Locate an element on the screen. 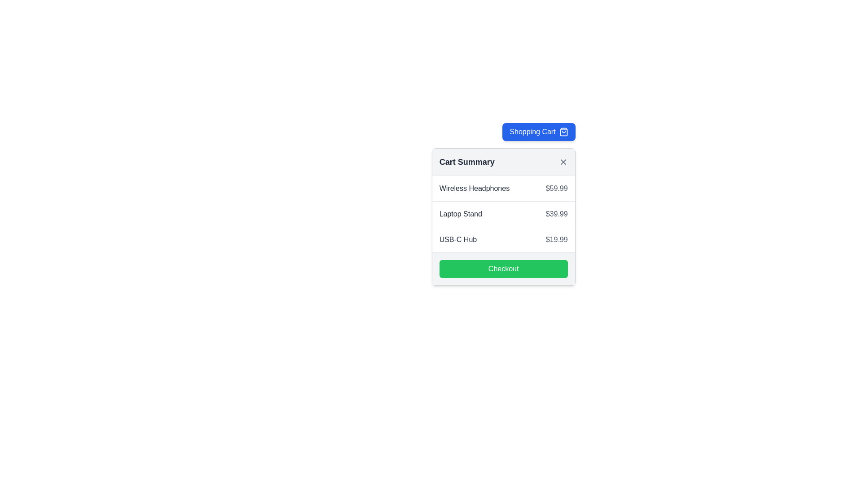 Image resolution: width=862 pixels, height=485 pixels. the price indicator label for the product 'USB-C Hub' located in the shopping cart summary section on the third row is located at coordinates (556, 239).